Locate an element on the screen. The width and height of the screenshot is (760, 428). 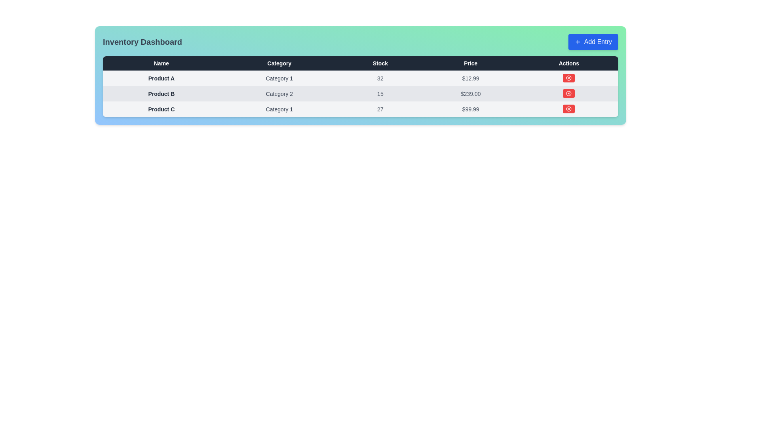
the deletion button represented by an 'X' icon, located in the 'Actions' column of the second row of the table is located at coordinates (568, 93).